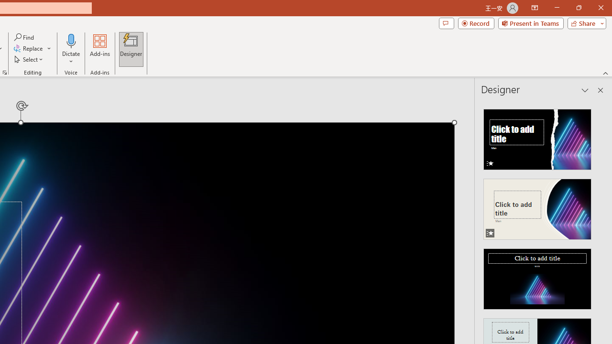 Image resolution: width=612 pixels, height=344 pixels. Describe the element at coordinates (585, 90) in the screenshot. I see `'Task Pane Options'` at that location.